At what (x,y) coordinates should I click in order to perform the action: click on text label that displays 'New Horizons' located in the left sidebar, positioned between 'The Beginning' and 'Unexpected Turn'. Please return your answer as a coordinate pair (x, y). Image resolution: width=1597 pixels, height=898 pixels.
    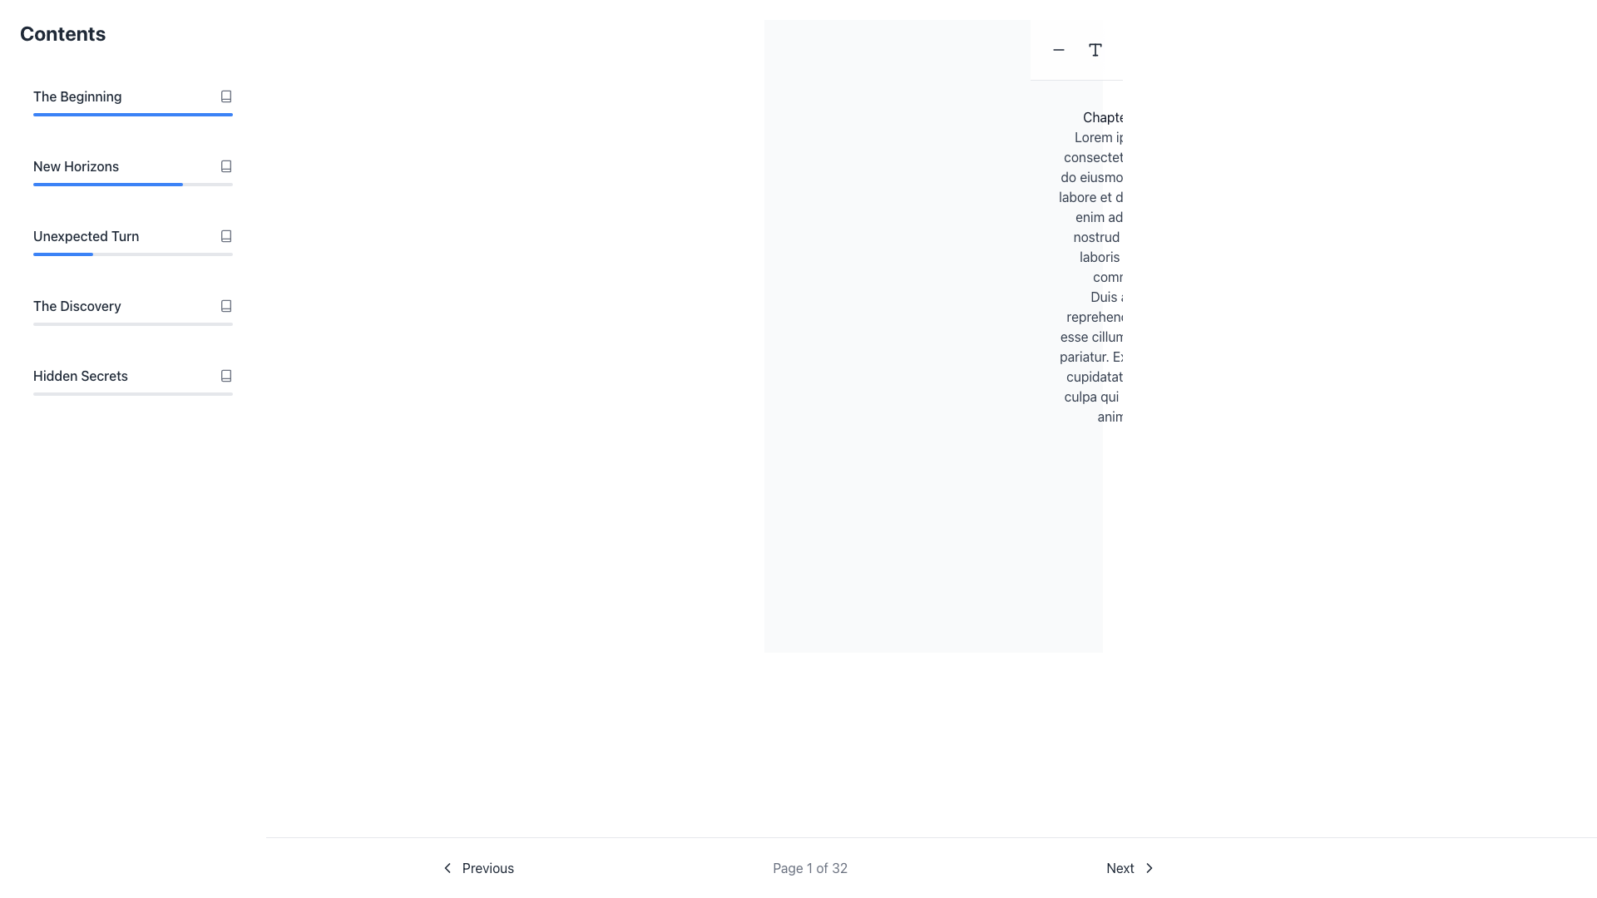
    Looking at the image, I should click on (75, 166).